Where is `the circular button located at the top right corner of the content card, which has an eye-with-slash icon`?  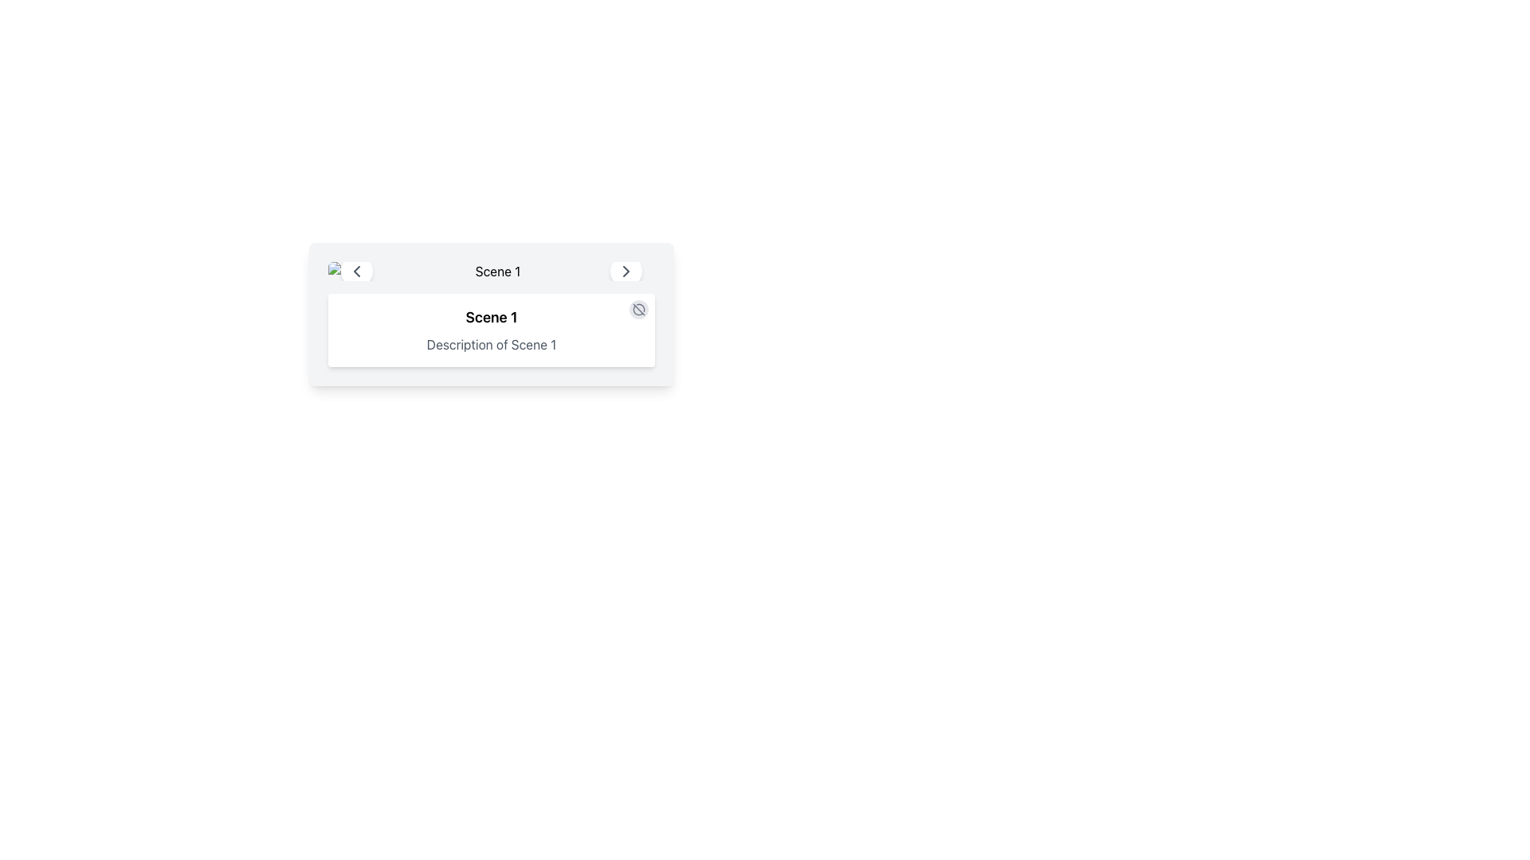
the circular button located at the top right corner of the content card, which has an eye-with-slash icon is located at coordinates (638, 310).